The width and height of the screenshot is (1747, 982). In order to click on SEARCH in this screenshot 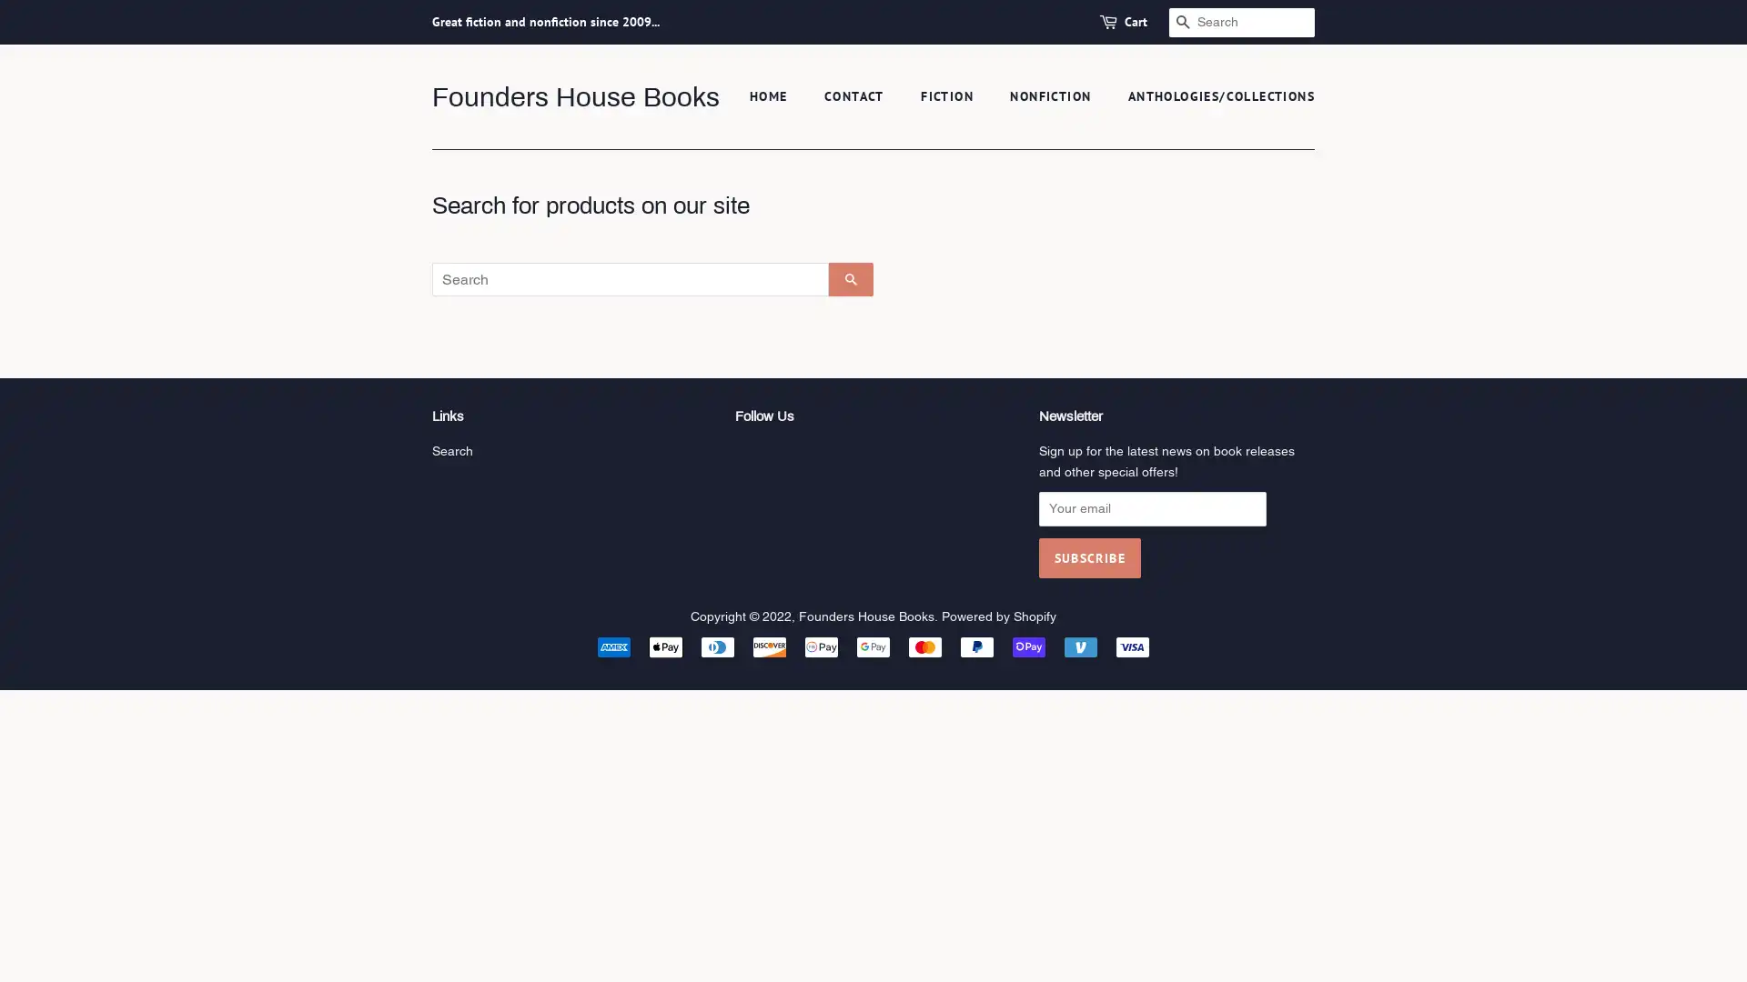, I will do `click(1183, 22)`.